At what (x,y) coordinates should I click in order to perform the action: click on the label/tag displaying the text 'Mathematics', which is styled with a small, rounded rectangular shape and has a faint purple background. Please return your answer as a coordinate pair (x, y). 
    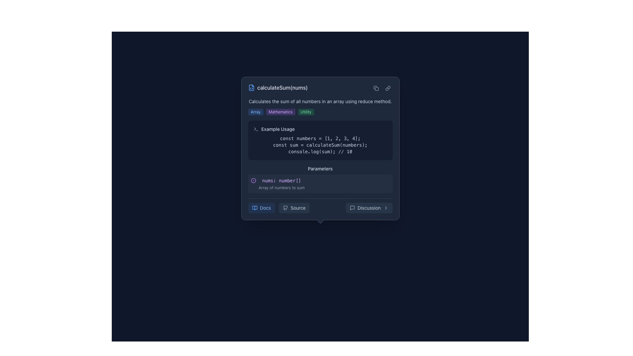
    Looking at the image, I should click on (281, 111).